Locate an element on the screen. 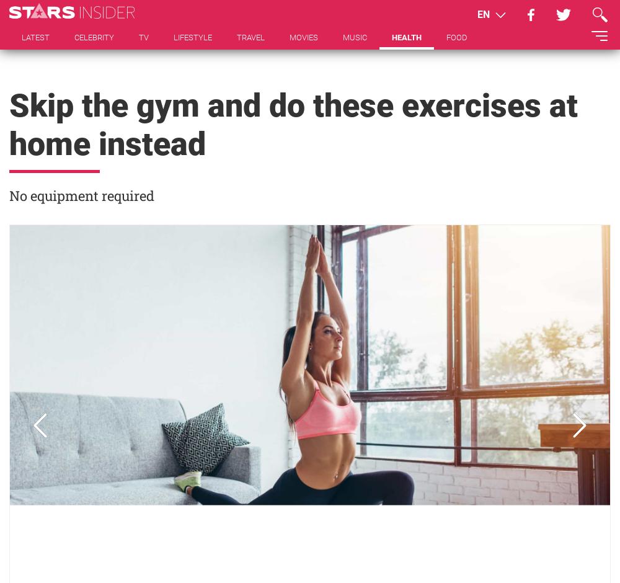 The width and height of the screenshot is (620, 583). 'MUSIC' is located at coordinates (343, 37).